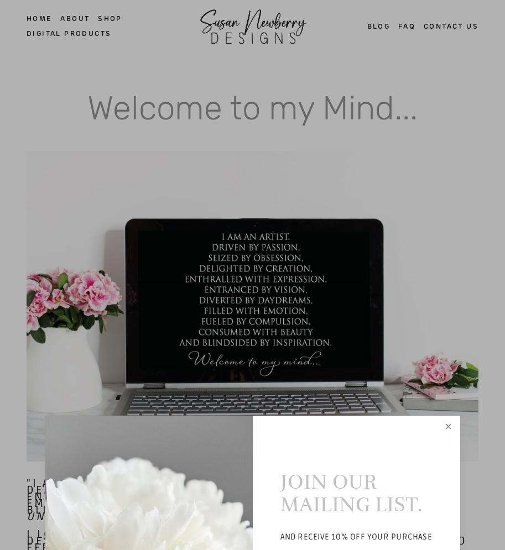 The height and width of the screenshot is (550, 505). I want to click on '"I am an artist. Driven by passion, seized by obsession, delighted by creation, enthralled with expression, entranced by vision, diverted by daydreams, filled with emotion, fueled by compulsion, consumed with beauty and blindsided by inspiration. WELCOME TO MY MIND…" -', so click(243, 495).